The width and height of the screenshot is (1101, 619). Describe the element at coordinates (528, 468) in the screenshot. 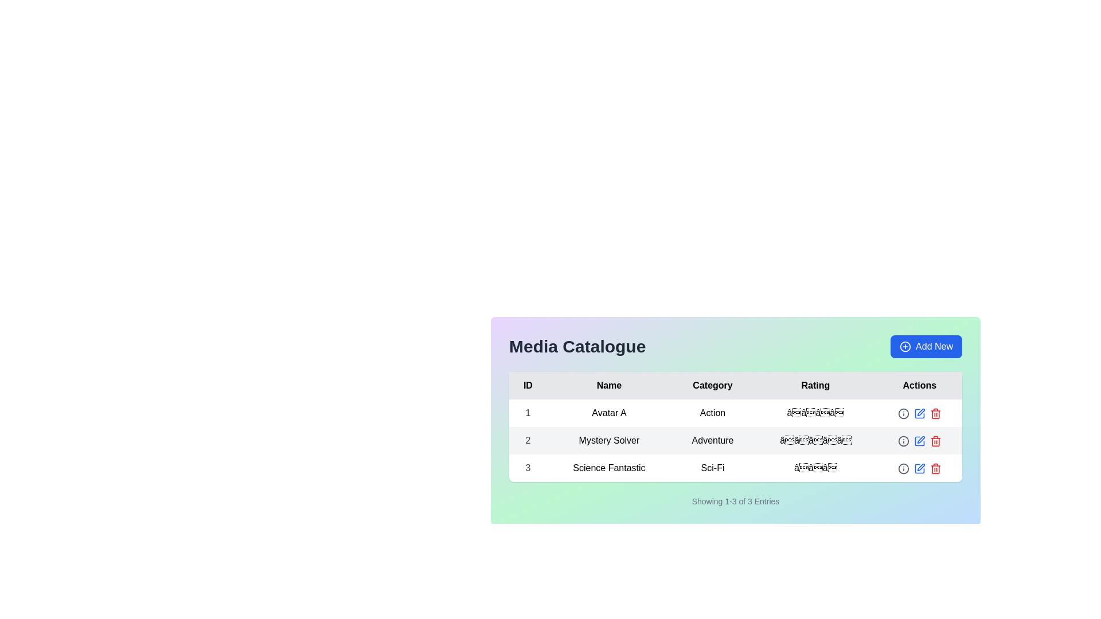

I see `the static text element displaying the numeral '3', which is styled in a bold font and located in the first cell of the third row of a table under the 'ID' column` at that location.